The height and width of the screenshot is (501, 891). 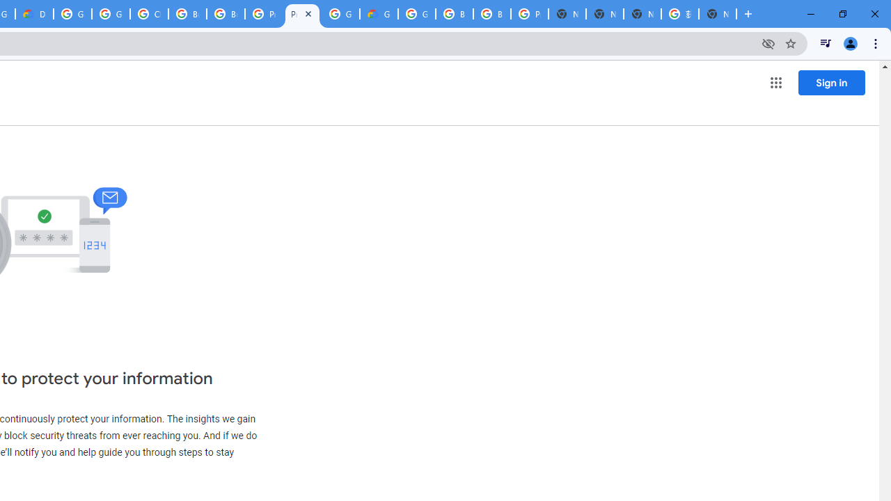 What do you see at coordinates (307, 13) in the screenshot?
I see `'Close'` at bounding box center [307, 13].